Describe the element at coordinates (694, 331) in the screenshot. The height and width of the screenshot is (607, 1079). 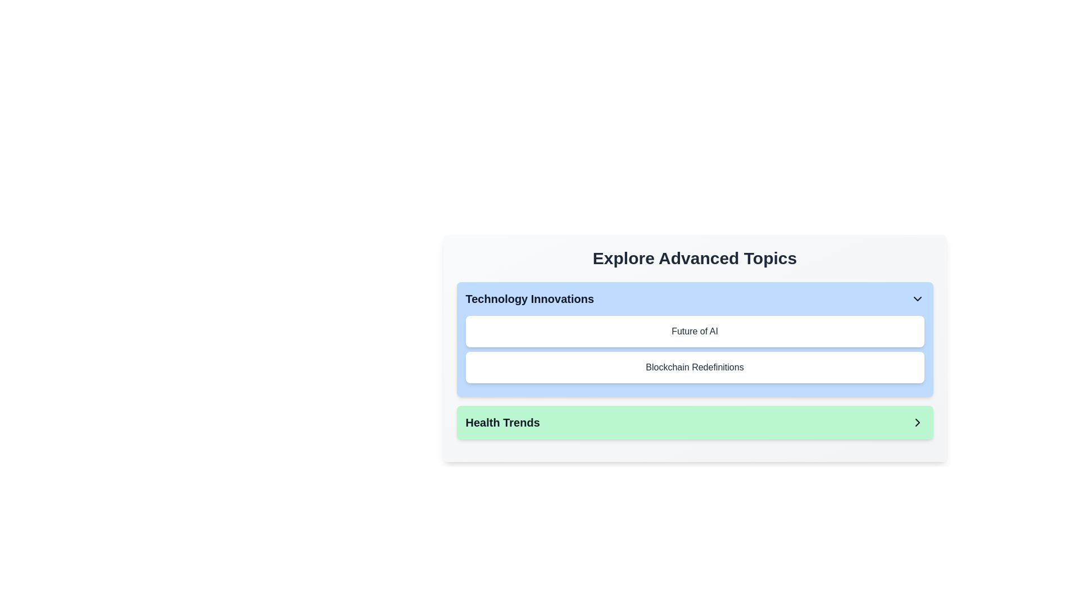
I see `the 'Future of AI' card, which is a rectangular clickable card with a white background and rounded corners, located in the 'Technology Innovations' section` at that location.